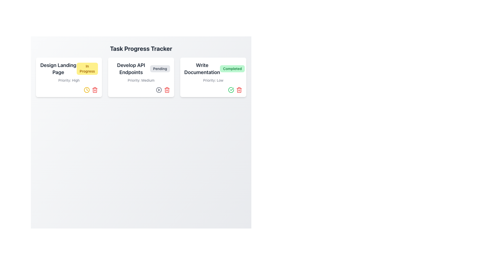 Image resolution: width=486 pixels, height=273 pixels. What do you see at coordinates (87, 89) in the screenshot?
I see `the yellow clock icon in the 'Design Landing Page' card within the 'Task Progress Tracker' section` at bounding box center [87, 89].